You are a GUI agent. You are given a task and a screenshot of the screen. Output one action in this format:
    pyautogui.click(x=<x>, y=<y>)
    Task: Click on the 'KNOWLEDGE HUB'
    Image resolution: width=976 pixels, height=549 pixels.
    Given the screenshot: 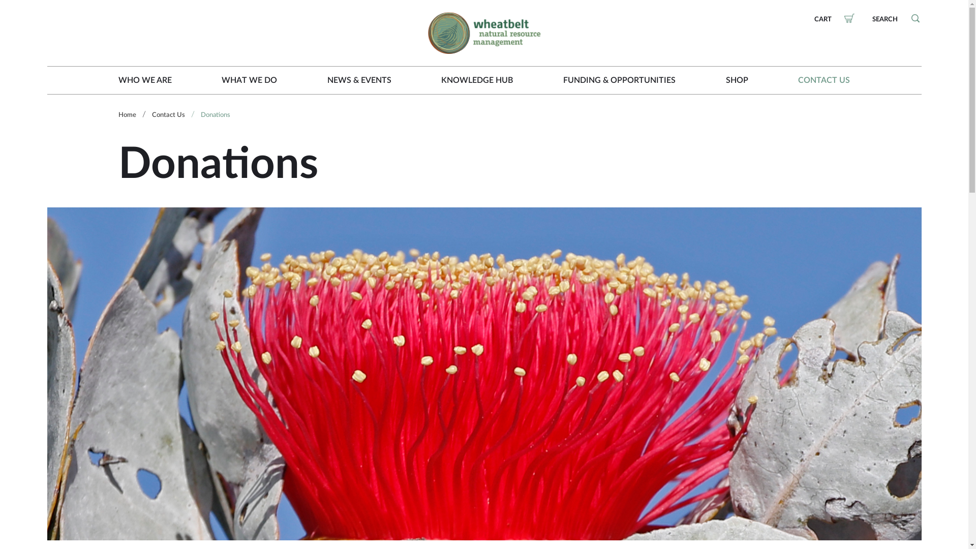 What is the action you would take?
    pyautogui.click(x=476, y=80)
    